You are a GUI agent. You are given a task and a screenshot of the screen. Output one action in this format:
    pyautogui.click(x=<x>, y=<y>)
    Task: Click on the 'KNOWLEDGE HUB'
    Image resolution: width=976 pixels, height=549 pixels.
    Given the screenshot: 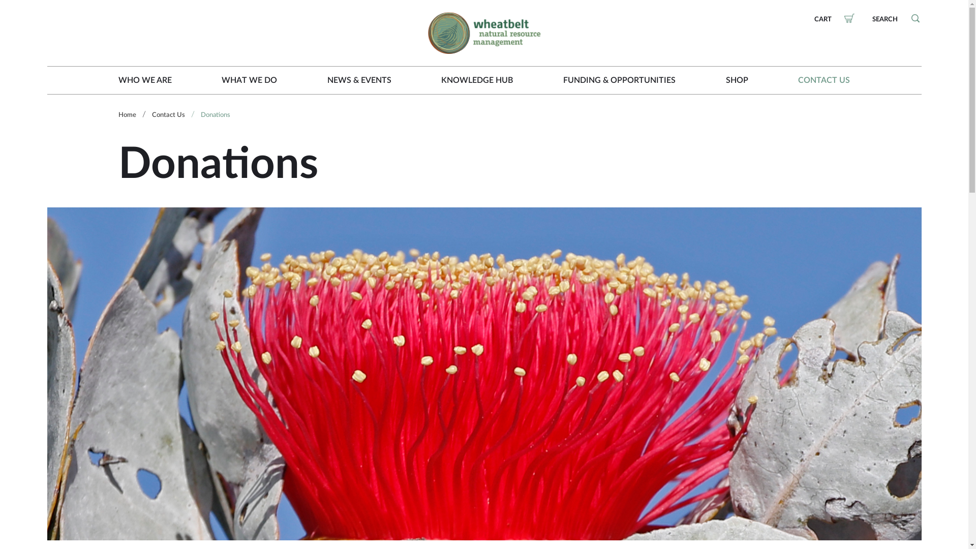 What is the action you would take?
    pyautogui.click(x=476, y=80)
    